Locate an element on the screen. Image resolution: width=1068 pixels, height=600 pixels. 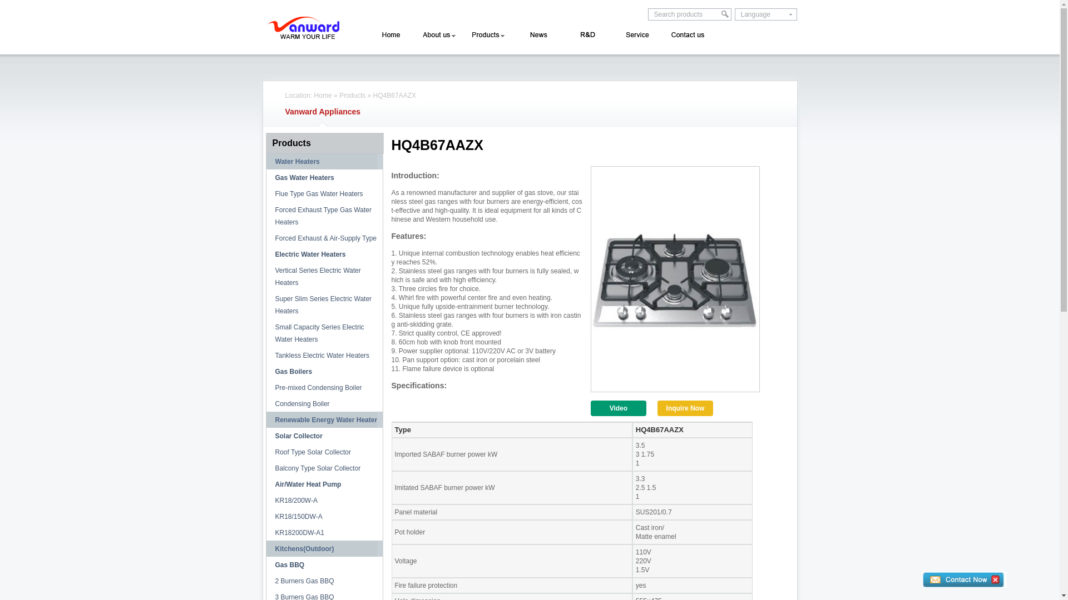
'Gas Water Heaters' is located at coordinates (324, 177).